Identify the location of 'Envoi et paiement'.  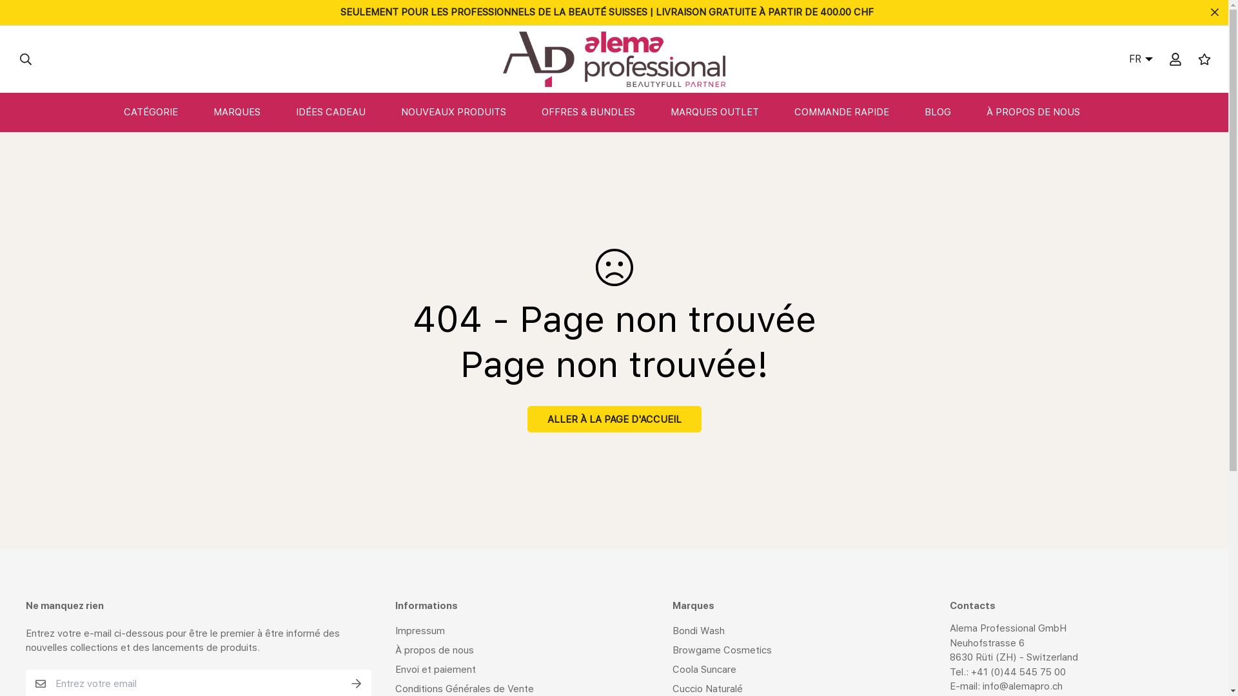
(435, 668).